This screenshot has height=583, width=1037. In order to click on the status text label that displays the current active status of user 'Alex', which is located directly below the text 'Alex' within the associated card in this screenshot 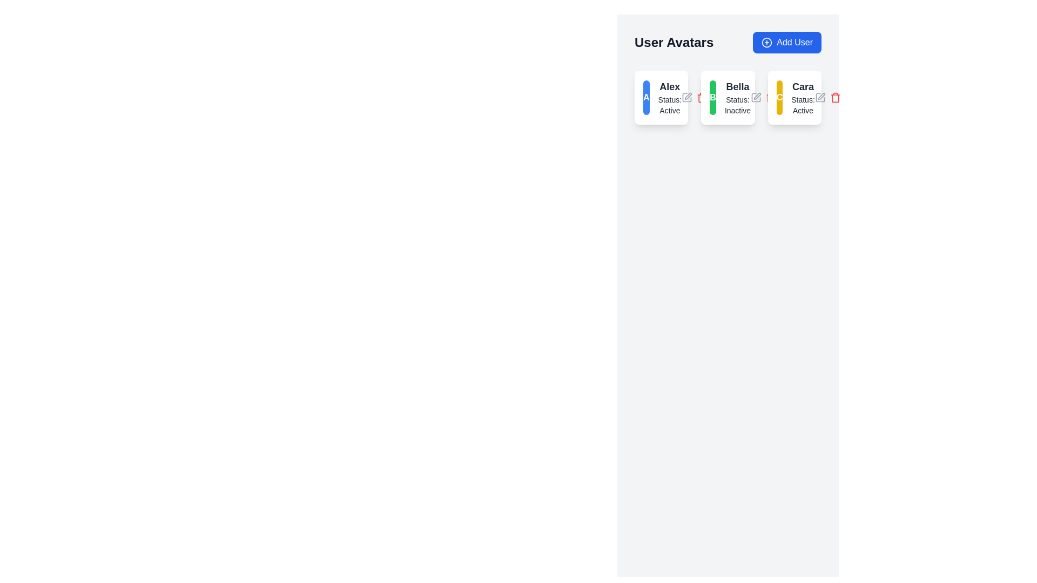, I will do `click(669, 105)`.